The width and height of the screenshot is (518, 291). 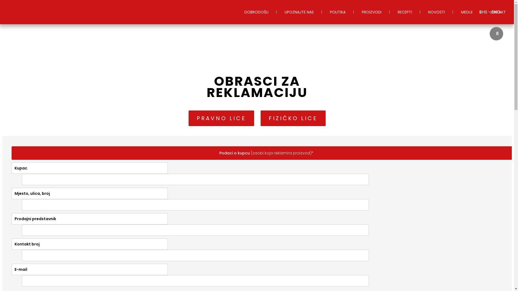 I want to click on 'KONTAKT', so click(x=480, y=12).